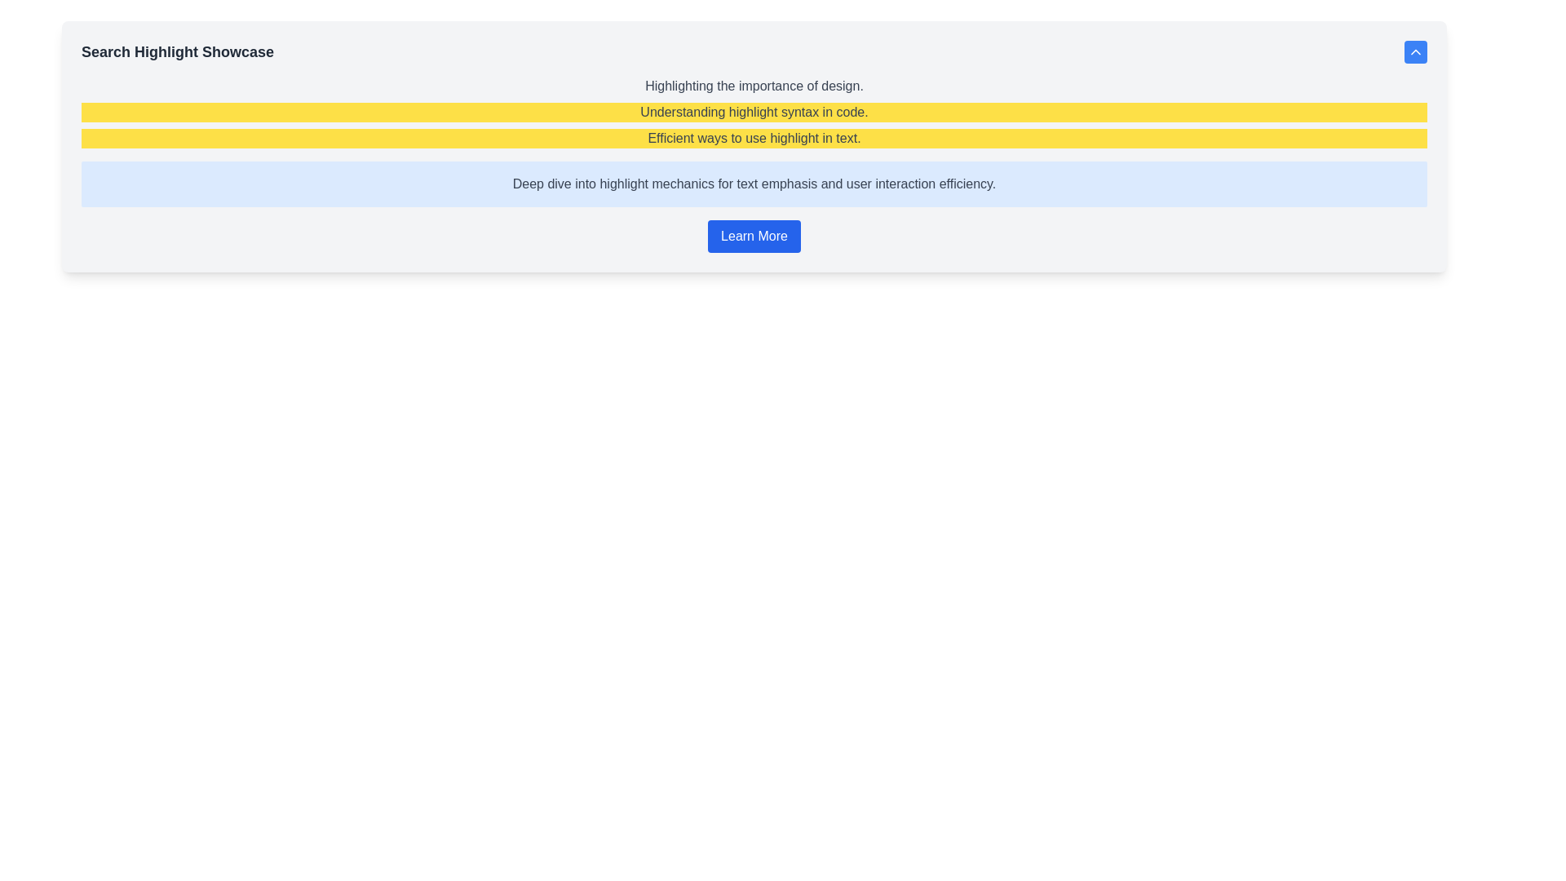 Image resolution: width=1566 pixels, height=881 pixels. Describe the element at coordinates (754, 236) in the screenshot. I see `the call-to-action button located at the bottom of the section with a light gray background, which is positioned directly below a paragraph with light blue background text, to trigger a visual change` at that location.